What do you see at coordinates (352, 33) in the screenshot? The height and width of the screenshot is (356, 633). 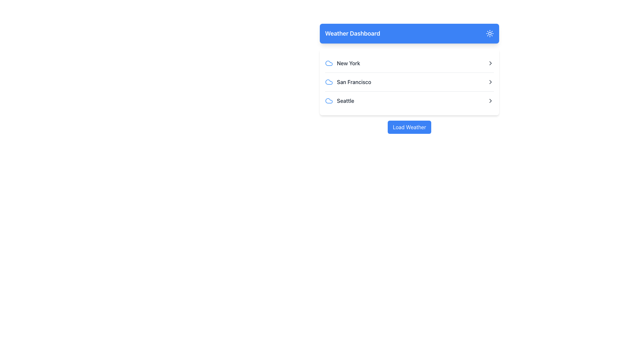 I see `the text label reading 'Weather Dashboard' located in the blue header area of the weather dashboard widget` at bounding box center [352, 33].